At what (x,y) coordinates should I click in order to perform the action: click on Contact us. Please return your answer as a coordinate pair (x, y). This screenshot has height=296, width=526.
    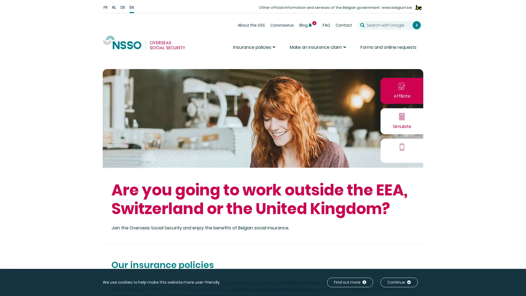
    Looking at the image, I should click on (402, 150).